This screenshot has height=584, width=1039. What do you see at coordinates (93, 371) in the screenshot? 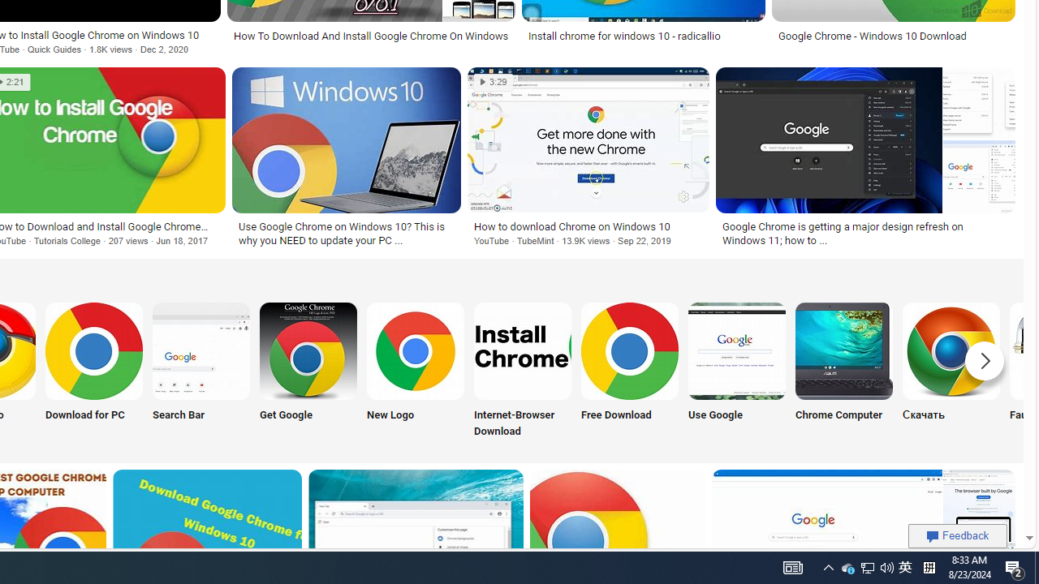
I see `'Chrome Download for PC Download for PC'` at bounding box center [93, 371].